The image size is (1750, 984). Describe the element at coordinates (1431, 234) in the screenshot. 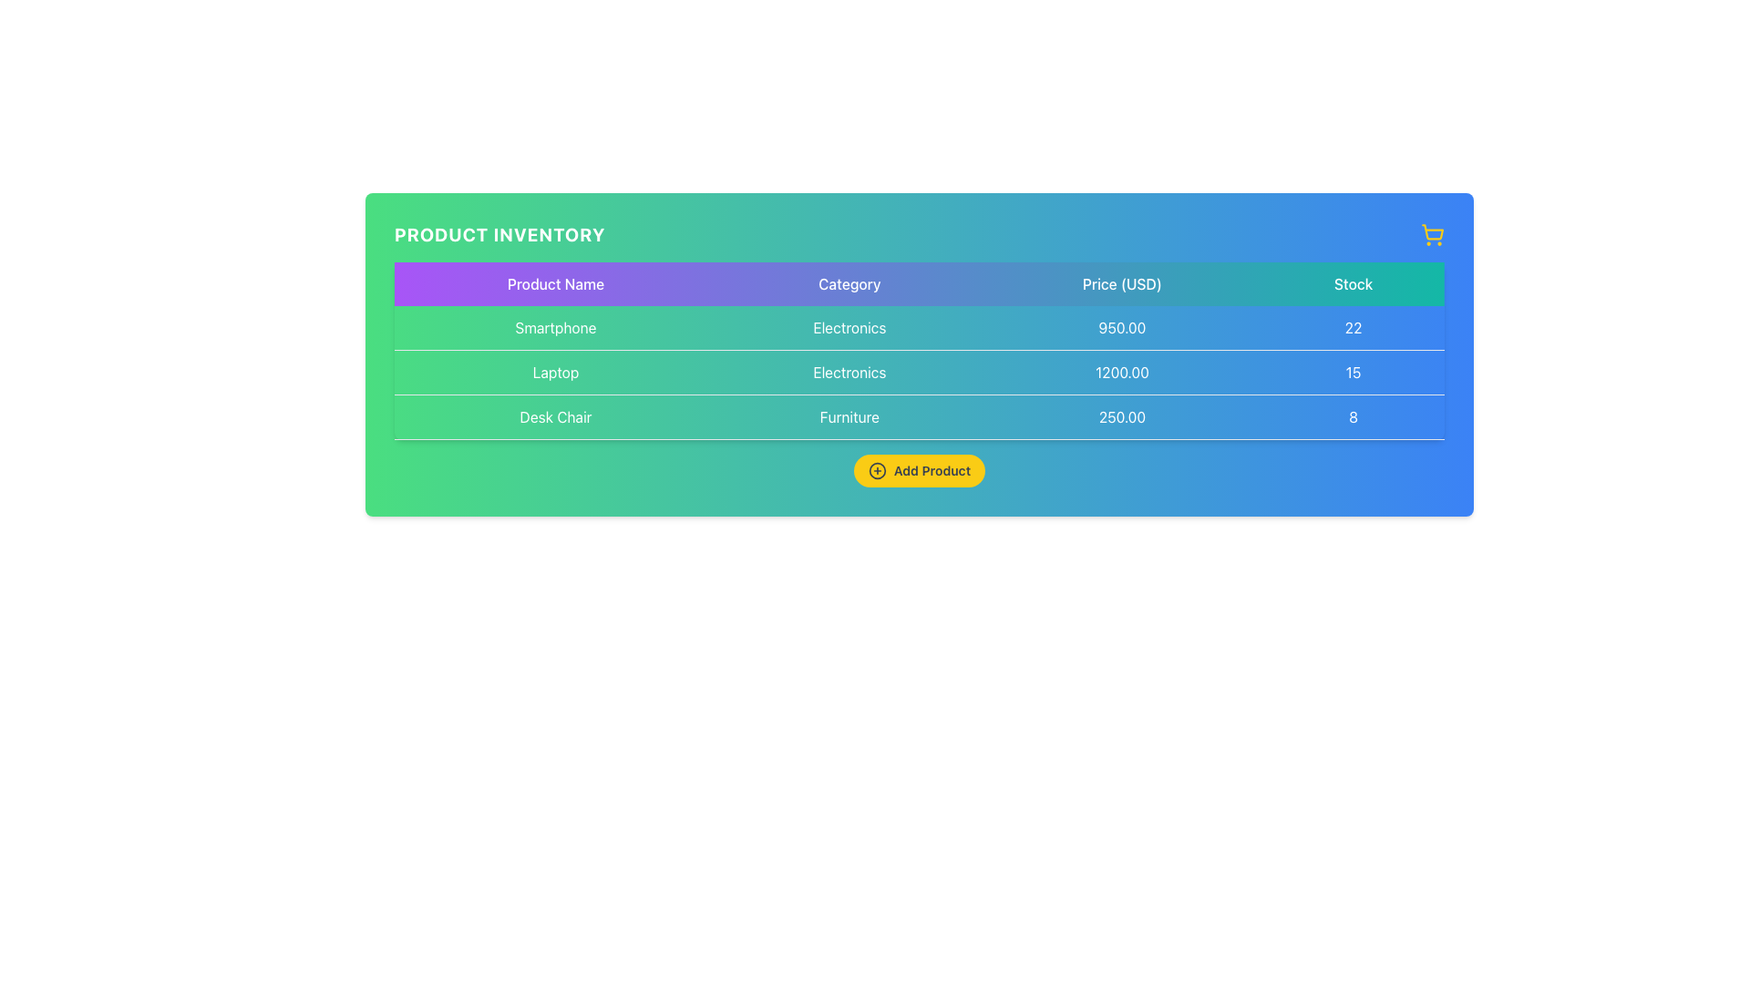

I see `the shopping cart icon with yellow outlines` at that location.